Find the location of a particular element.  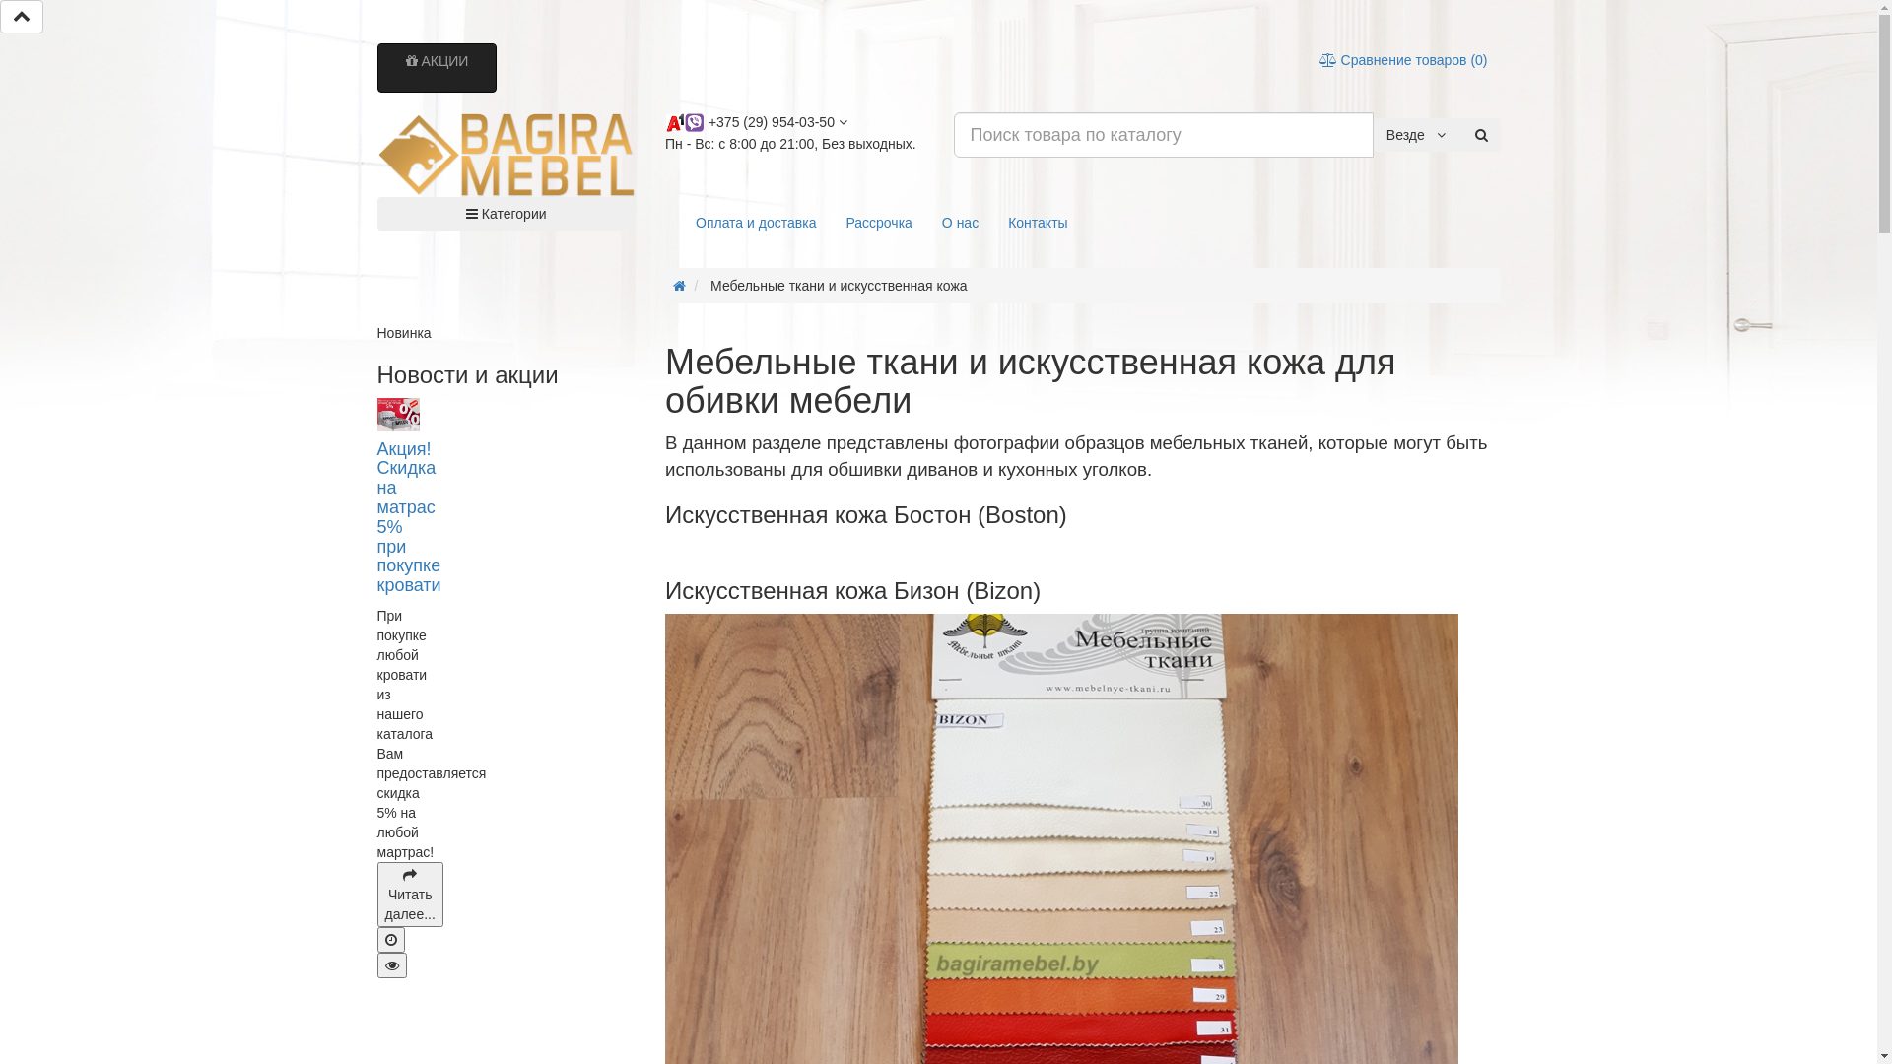

'17.04.2020 01:22' is located at coordinates (389, 938).